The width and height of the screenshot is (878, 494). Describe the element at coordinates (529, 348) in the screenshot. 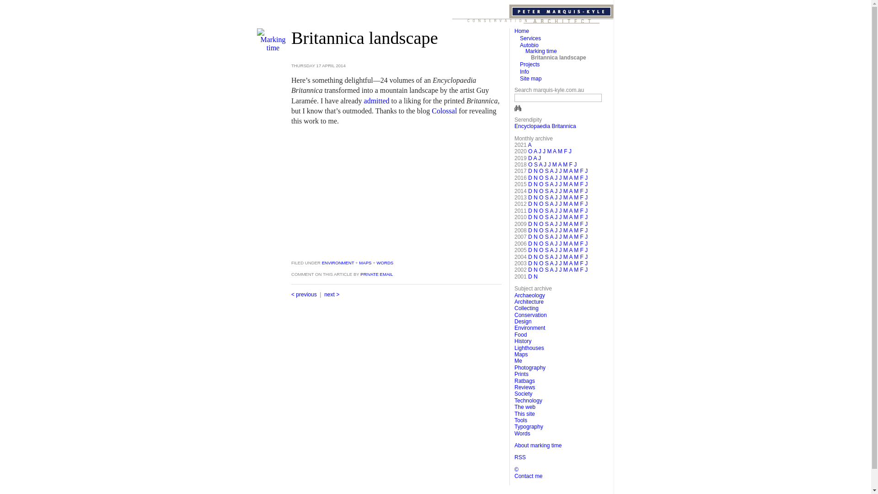

I see `'Lighthouses'` at that location.